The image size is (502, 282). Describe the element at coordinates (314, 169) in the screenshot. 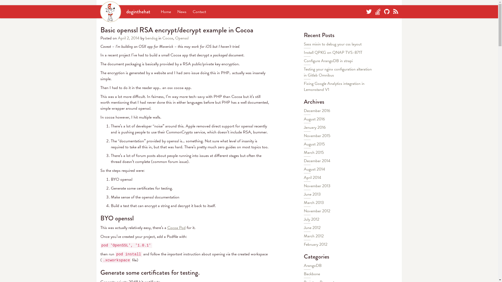

I see `'August 2014'` at that location.